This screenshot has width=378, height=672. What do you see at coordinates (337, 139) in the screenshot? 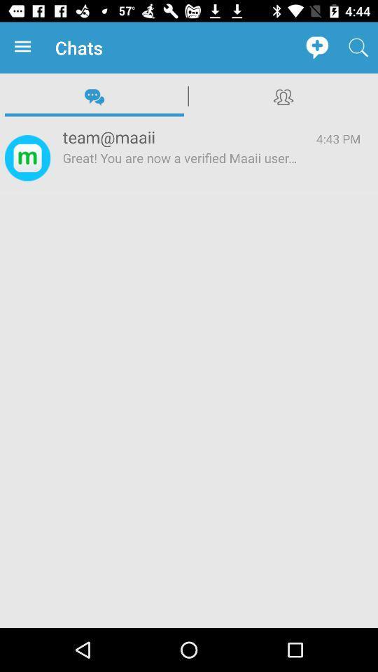
I see `icon next to the team@maaii app` at bounding box center [337, 139].